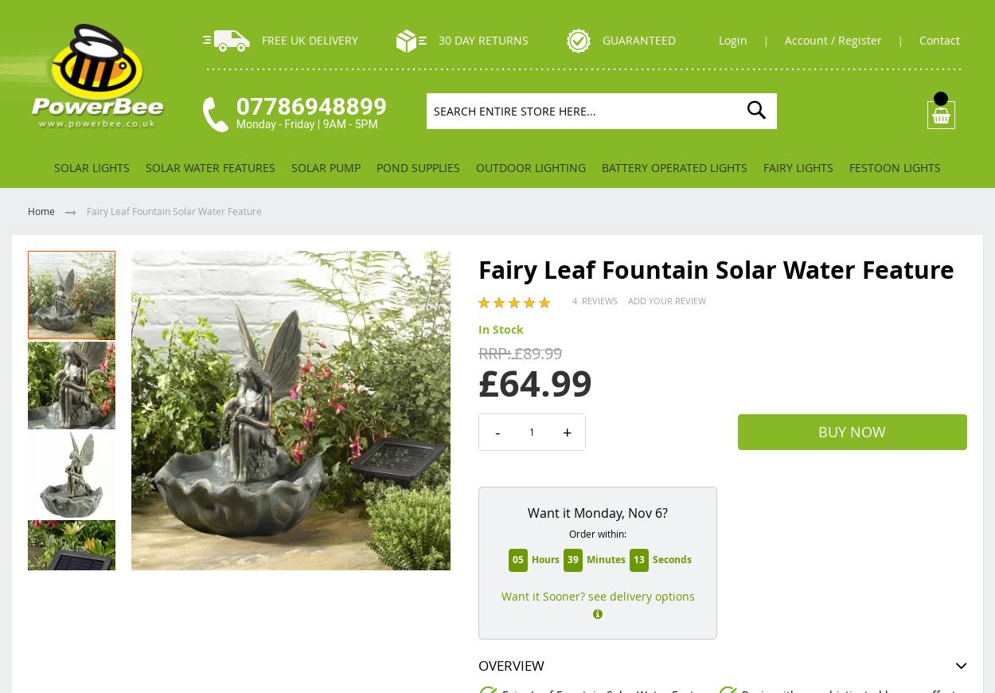  Describe the element at coordinates (501, 328) in the screenshot. I see `'In stock'` at that location.